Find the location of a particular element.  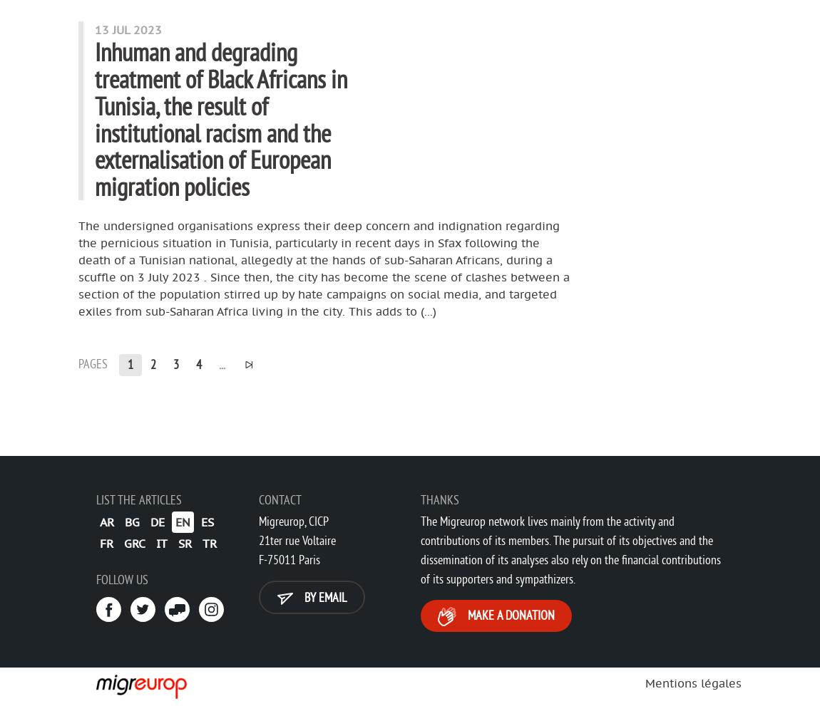

'Make a donation' is located at coordinates (464, 614).